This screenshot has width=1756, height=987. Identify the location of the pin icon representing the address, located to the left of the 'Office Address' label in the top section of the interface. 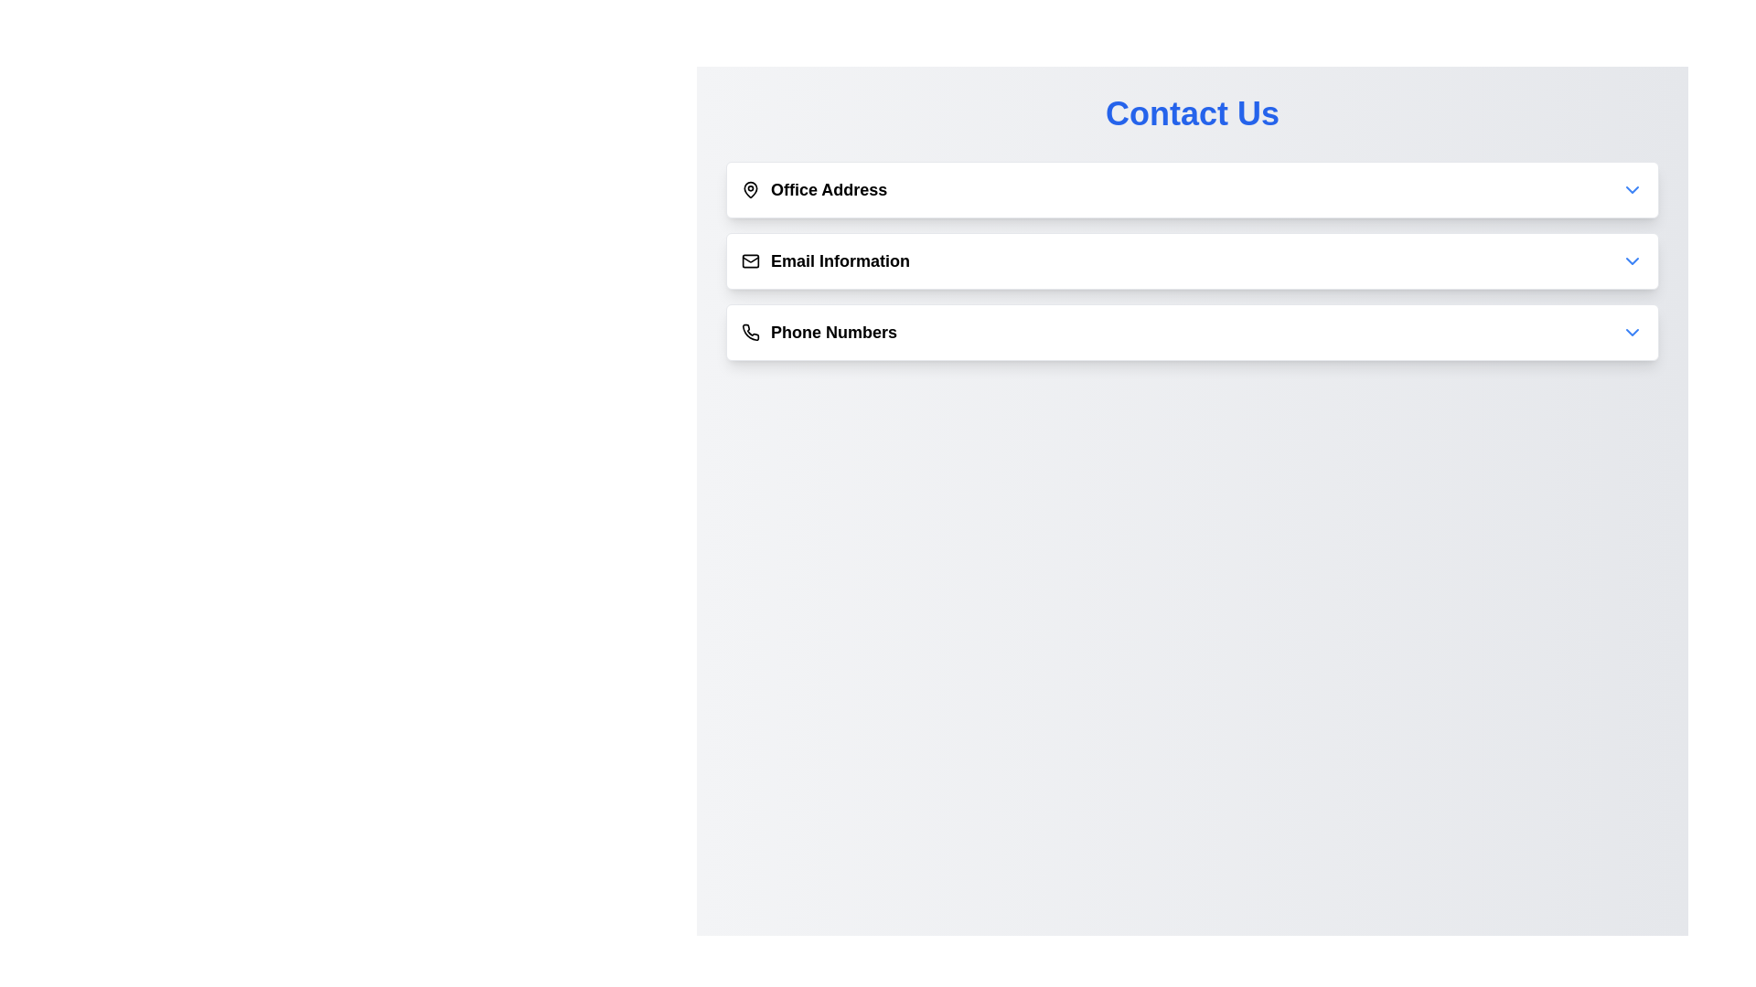
(750, 189).